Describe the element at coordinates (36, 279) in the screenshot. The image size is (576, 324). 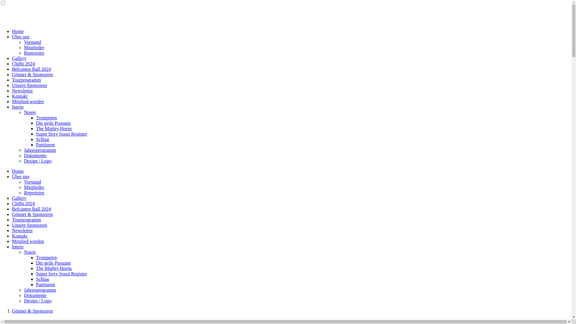
I see `'Schlag'` at that location.